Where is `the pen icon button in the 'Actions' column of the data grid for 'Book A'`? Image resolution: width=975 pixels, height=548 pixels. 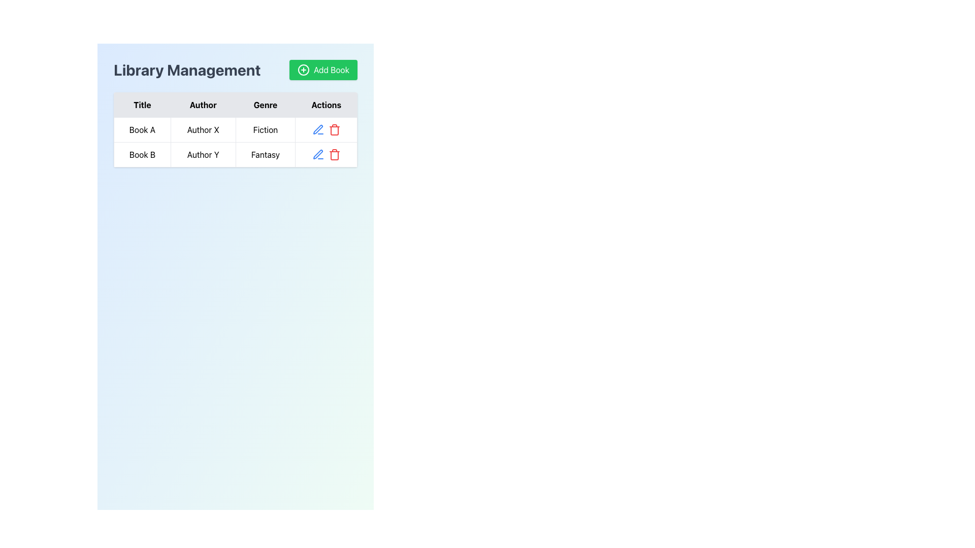 the pen icon button in the 'Actions' column of the data grid for 'Book A' is located at coordinates (317, 154).